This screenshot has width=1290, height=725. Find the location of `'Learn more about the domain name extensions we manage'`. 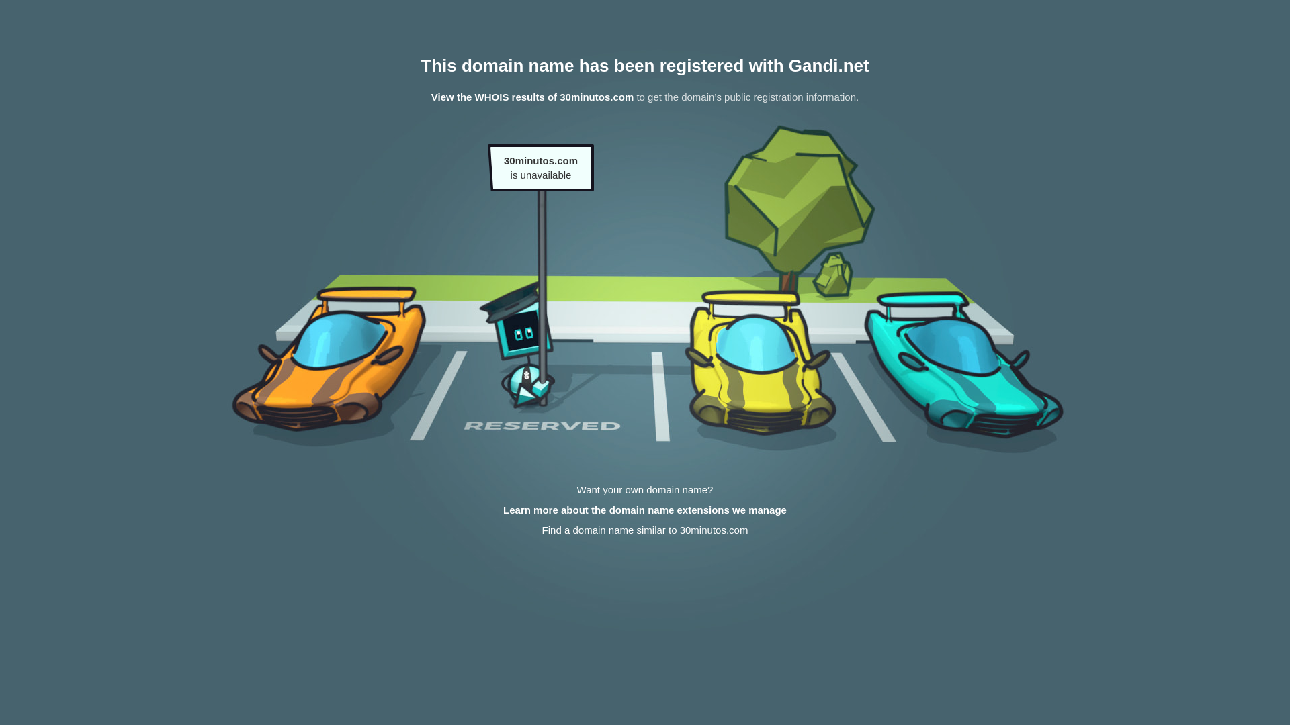

'Learn more about the domain name extensions we manage' is located at coordinates (645, 510).